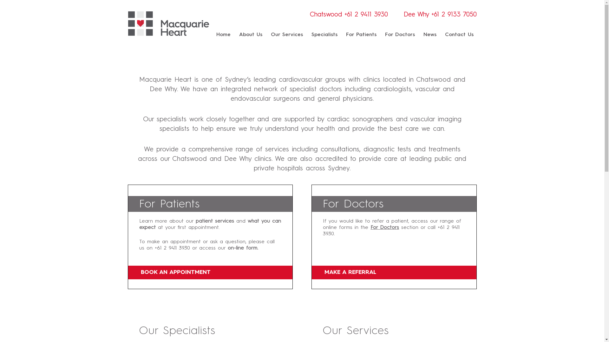 The height and width of the screenshot is (342, 609). I want to click on 'Specialists', so click(324, 35).